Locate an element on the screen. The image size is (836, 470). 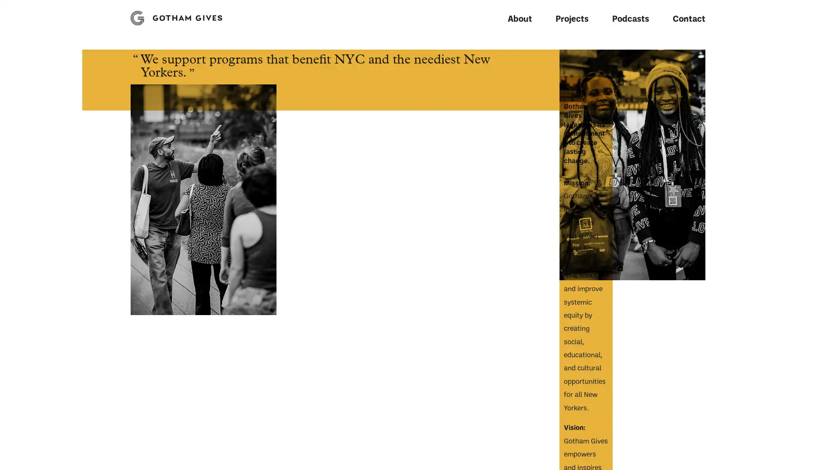
Click here to scroll to top of page. is located at coordinates (129, 456).